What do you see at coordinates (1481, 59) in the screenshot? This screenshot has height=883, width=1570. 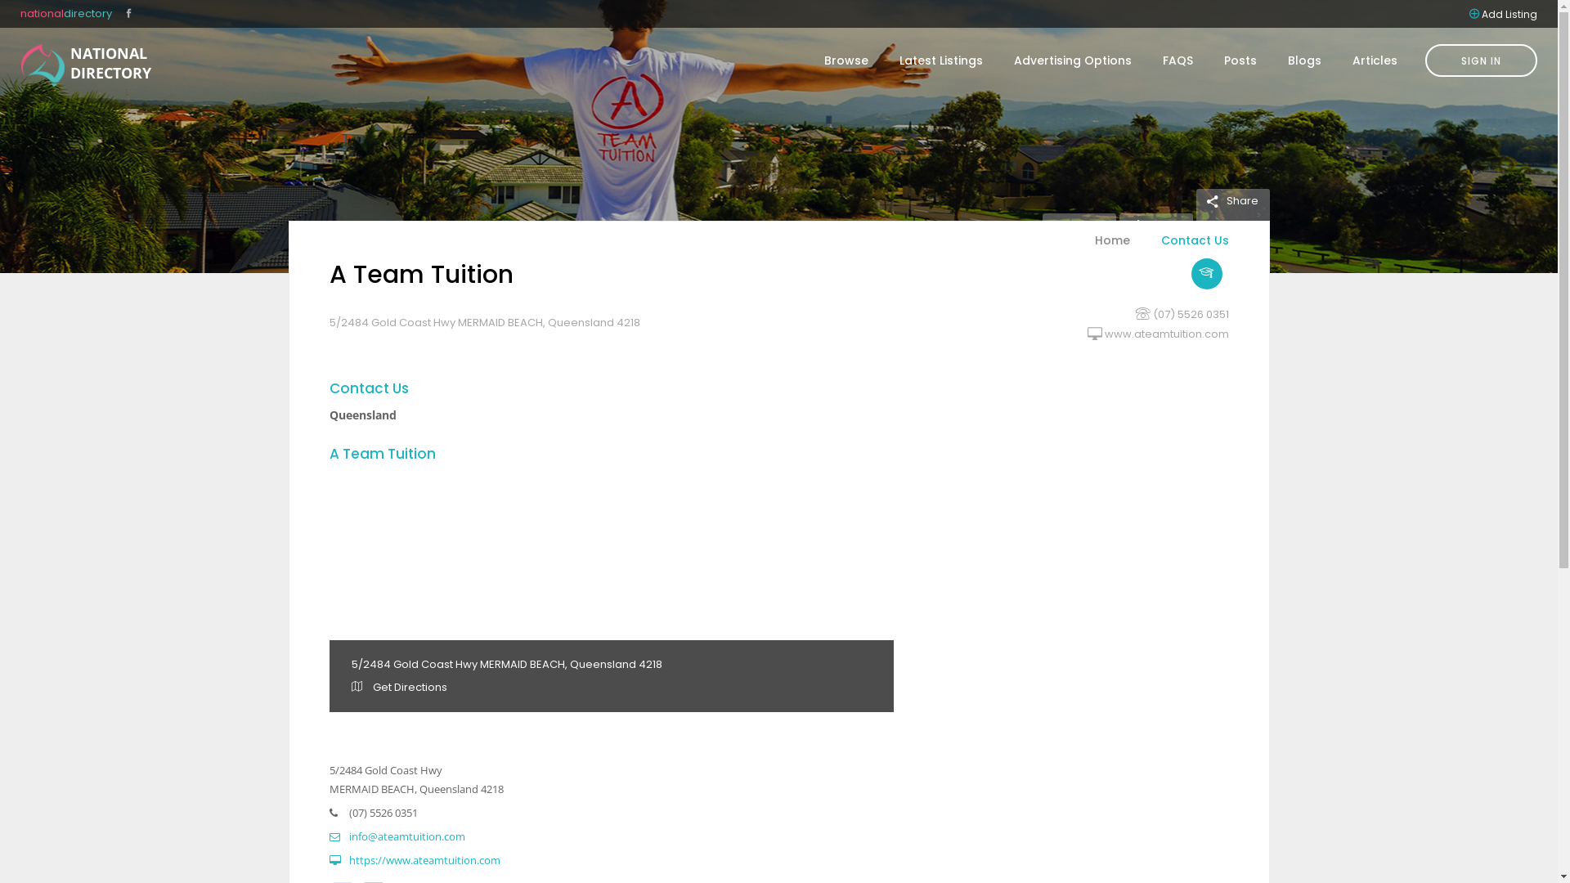 I see `'SIGN IN'` at bounding box center [1481, 59].